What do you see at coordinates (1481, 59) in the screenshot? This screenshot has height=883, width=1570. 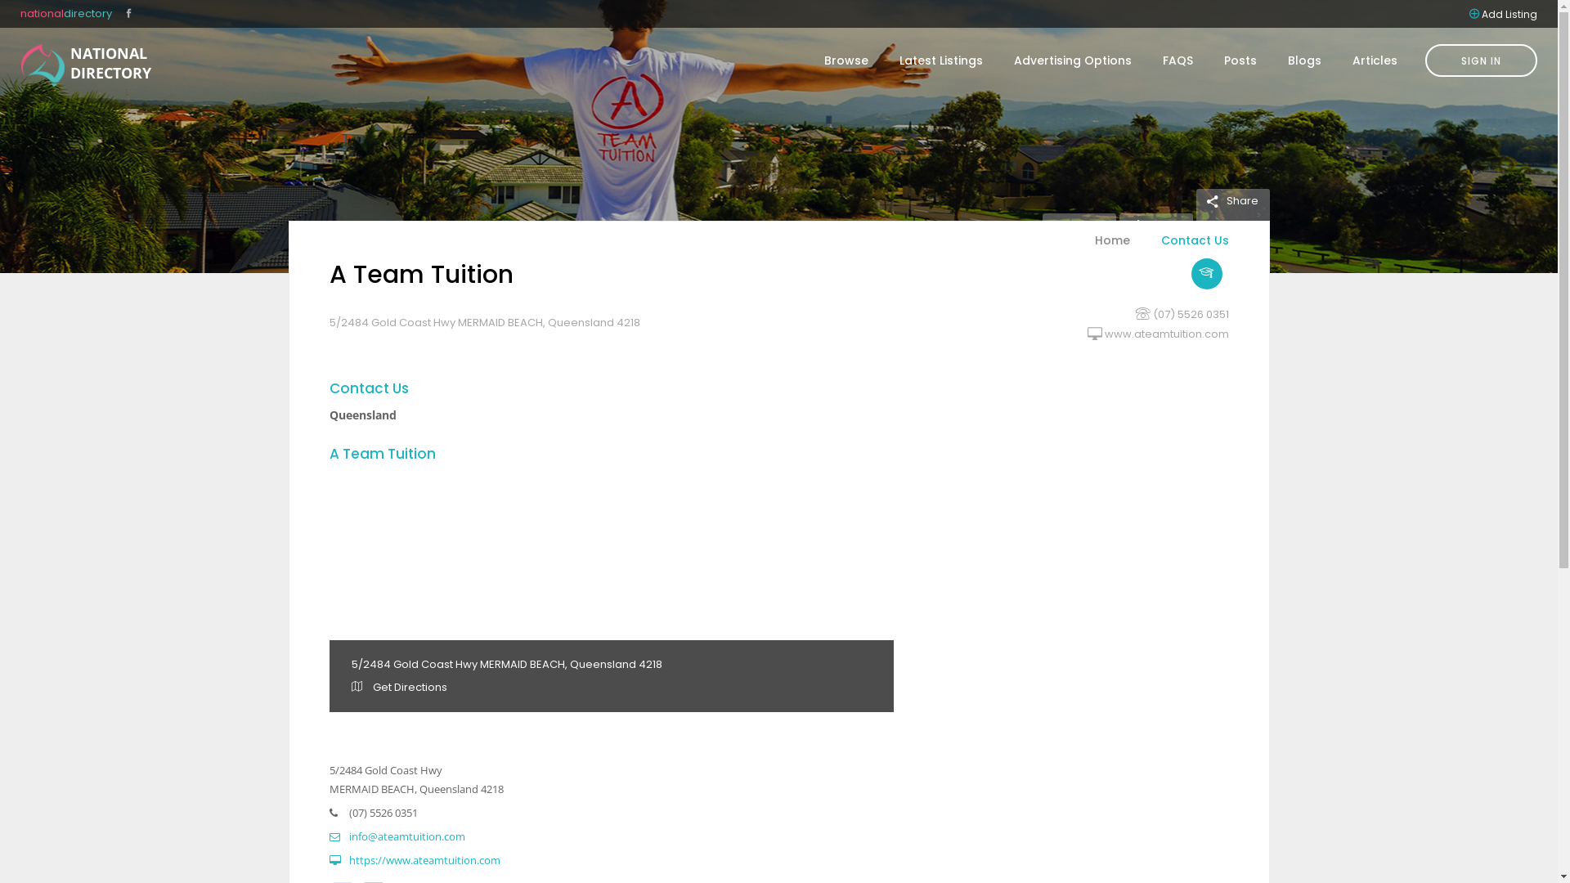 I see `'SIGN IN'` at bounding box center [1481, 59].